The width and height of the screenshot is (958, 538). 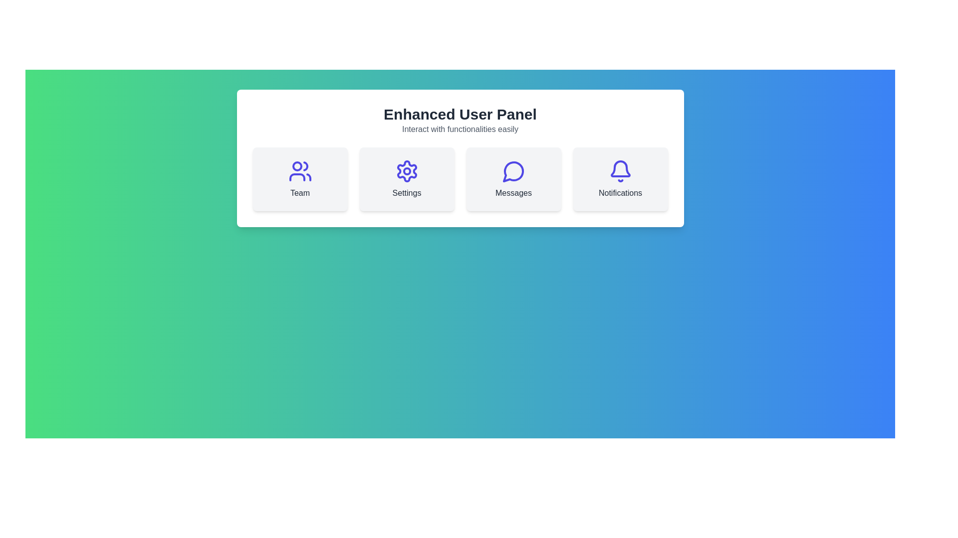 I want to click on the SVG graphic of the speech bubble icon located in the 'Messages' card, so click(x=513, y=170).